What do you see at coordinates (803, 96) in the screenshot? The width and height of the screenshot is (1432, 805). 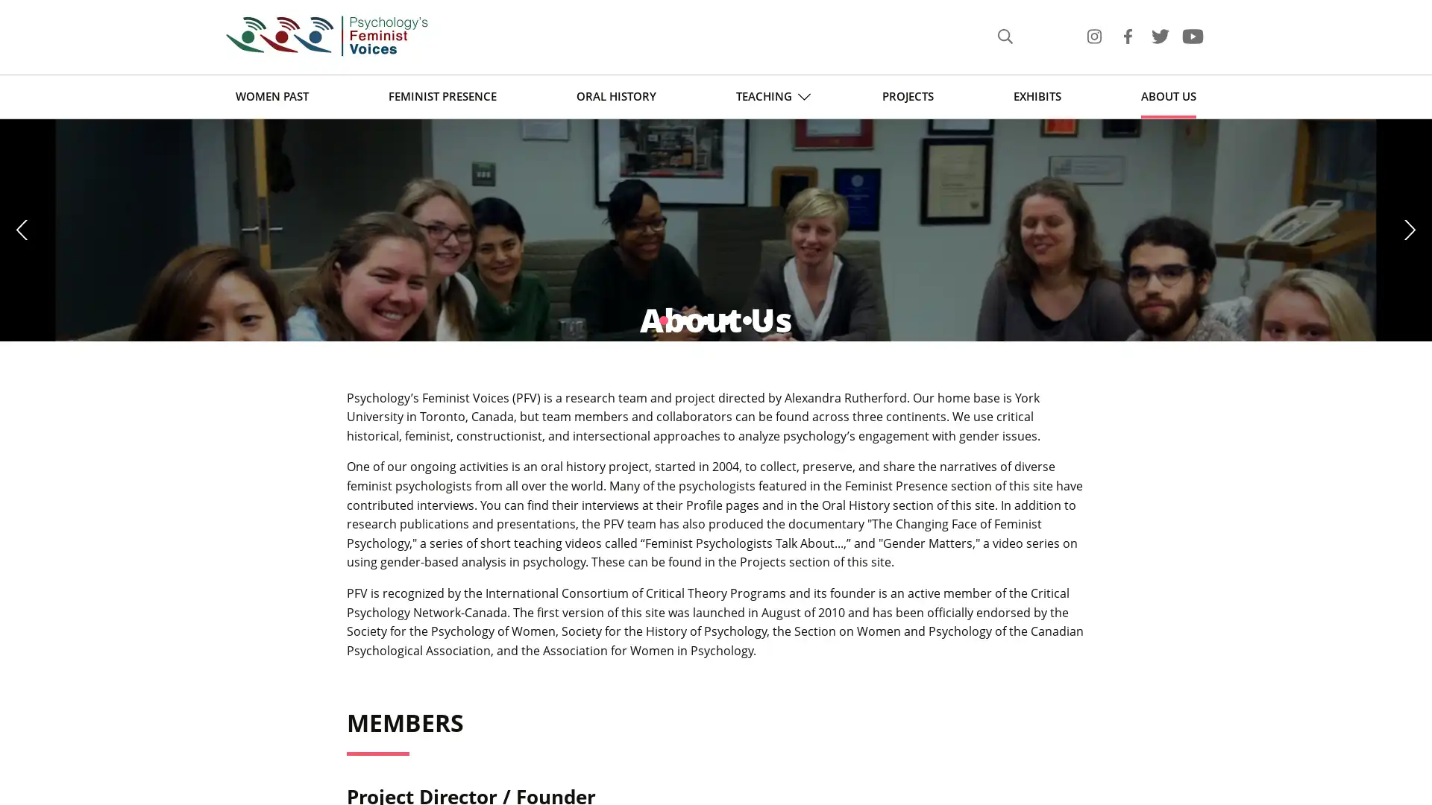 I see `Toggle Teaching sub-menu` at bounding box center [803, 96].